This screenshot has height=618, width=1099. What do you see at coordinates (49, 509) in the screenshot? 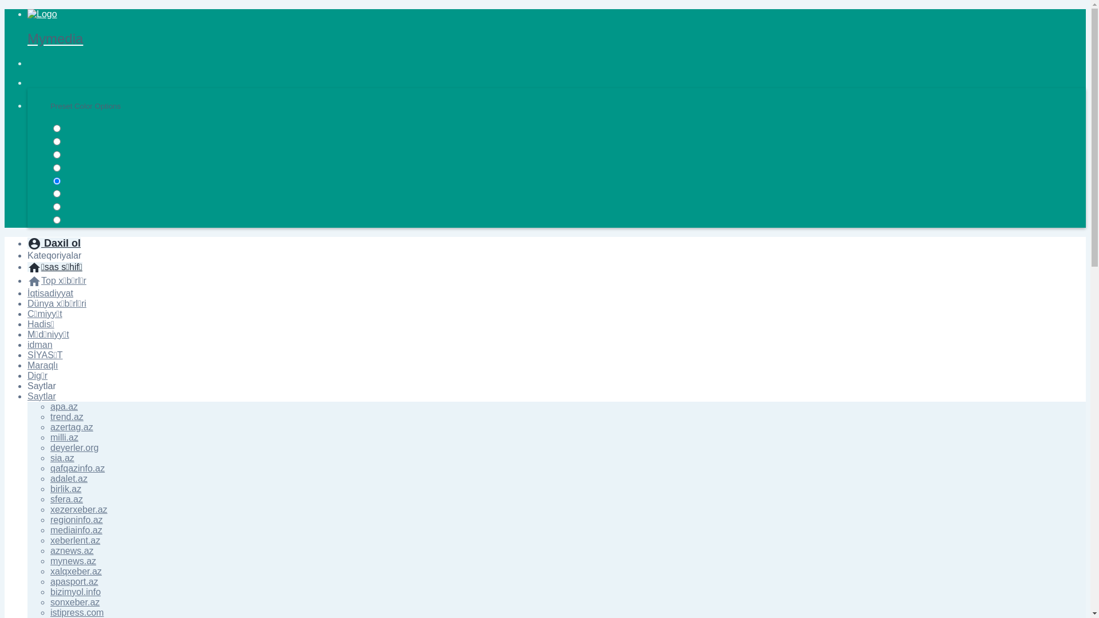
I see `'xezerxeber.az'` at bounding box center [49, 509].